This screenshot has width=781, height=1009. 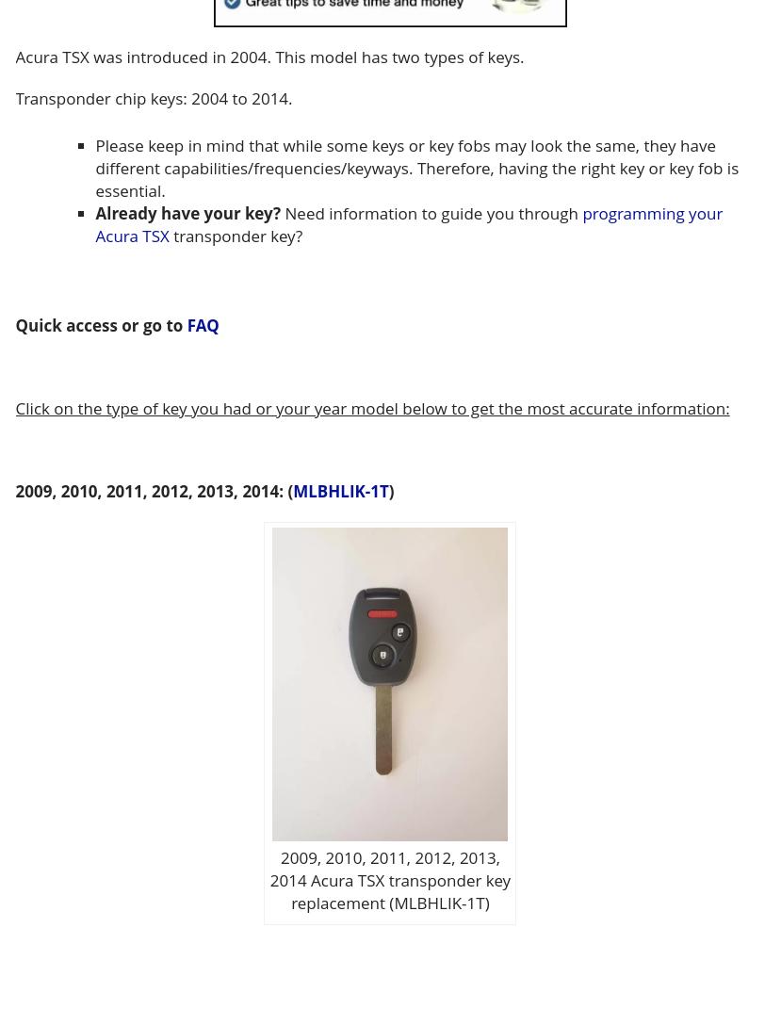 I want to click on 'Quick access or go to', so click(x=101, y=323).